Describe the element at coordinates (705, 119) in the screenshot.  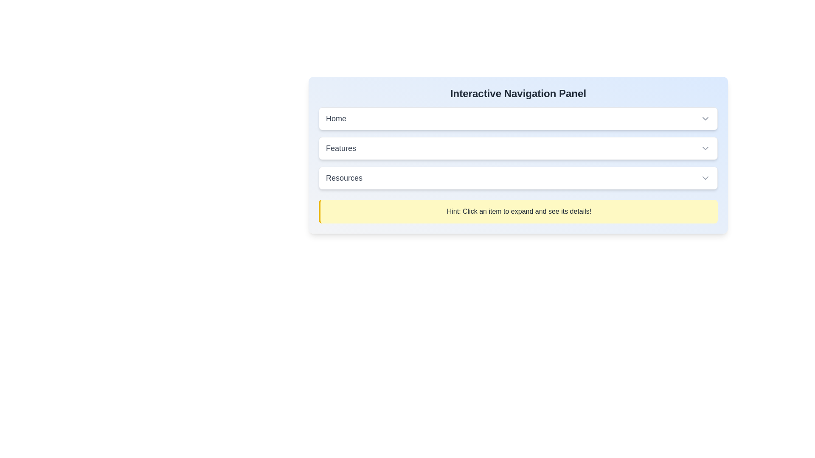
I see `the Chevron Down icon located to the right of the 'Home' navigation button` at that location.